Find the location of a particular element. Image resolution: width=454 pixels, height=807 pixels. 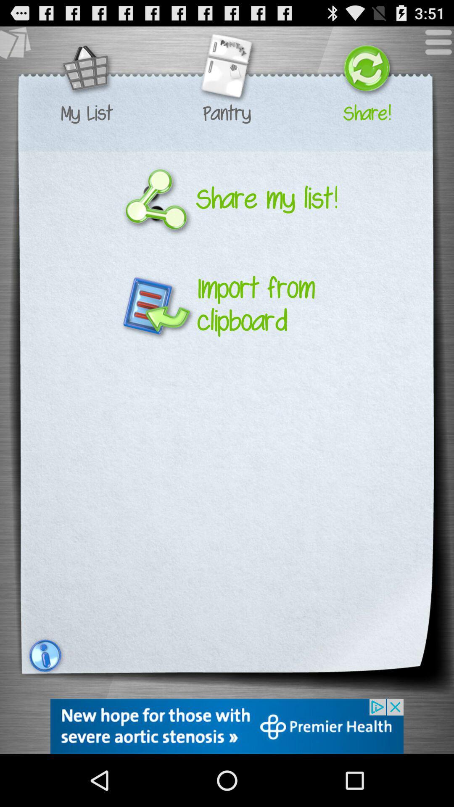

menu button is located at coordinates (434, 46).